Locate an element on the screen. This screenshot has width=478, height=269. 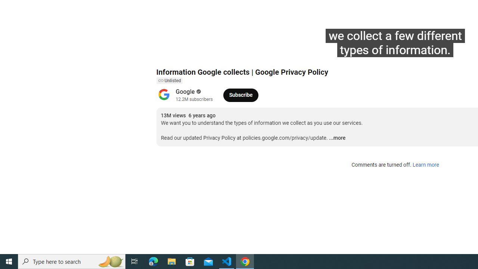
'Verified' is located at coordinates (198, 91).